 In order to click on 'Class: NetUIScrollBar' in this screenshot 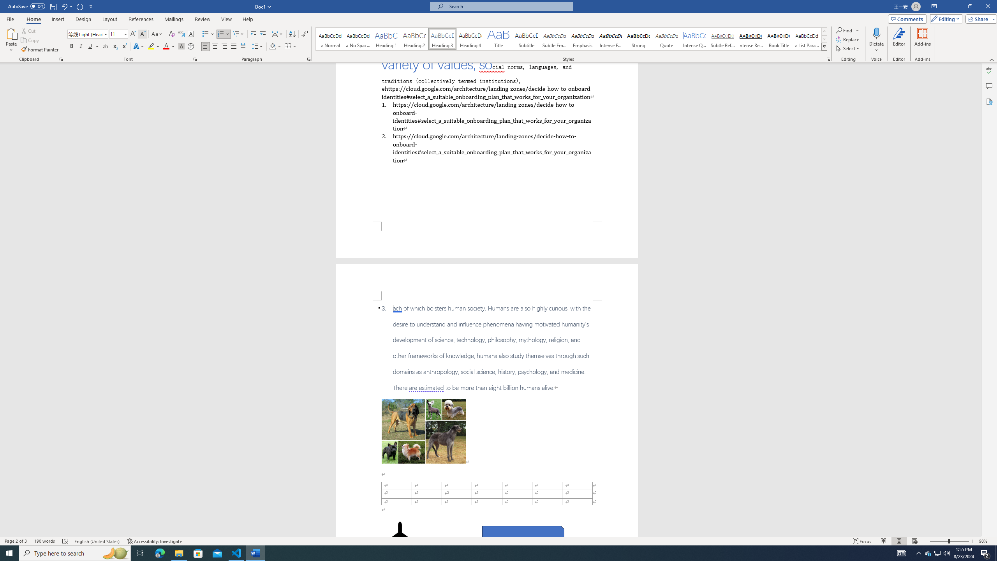, I will do `click(978, 300)`.